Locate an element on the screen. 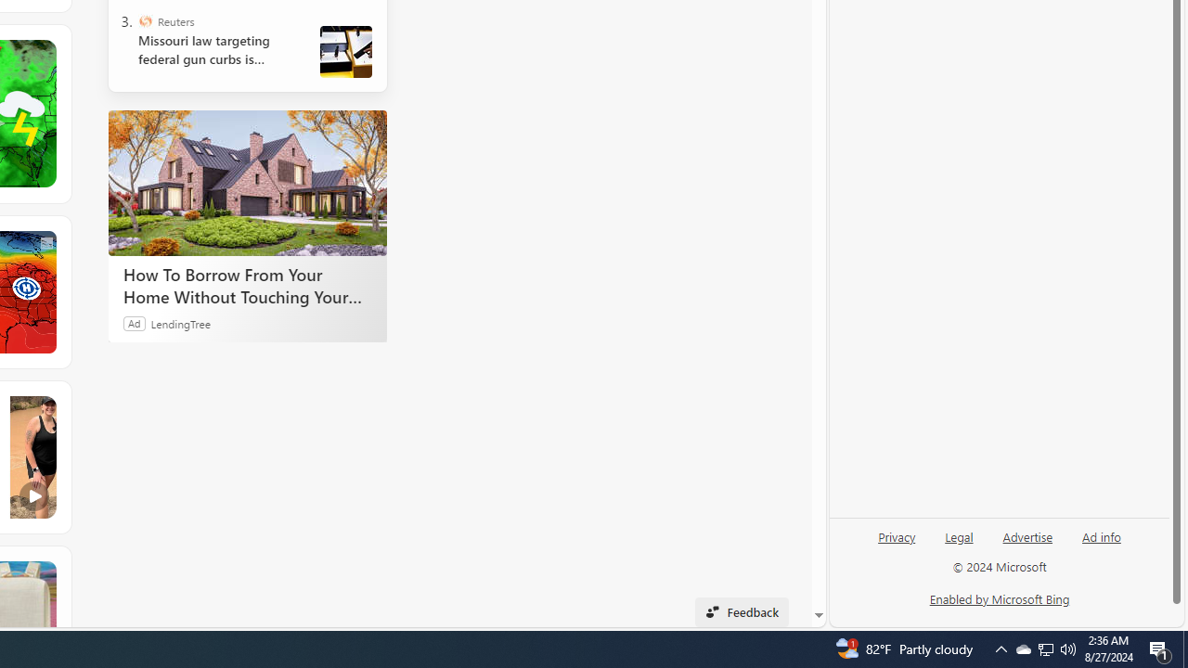  'Reuters' is located at coordinates (144, 21).